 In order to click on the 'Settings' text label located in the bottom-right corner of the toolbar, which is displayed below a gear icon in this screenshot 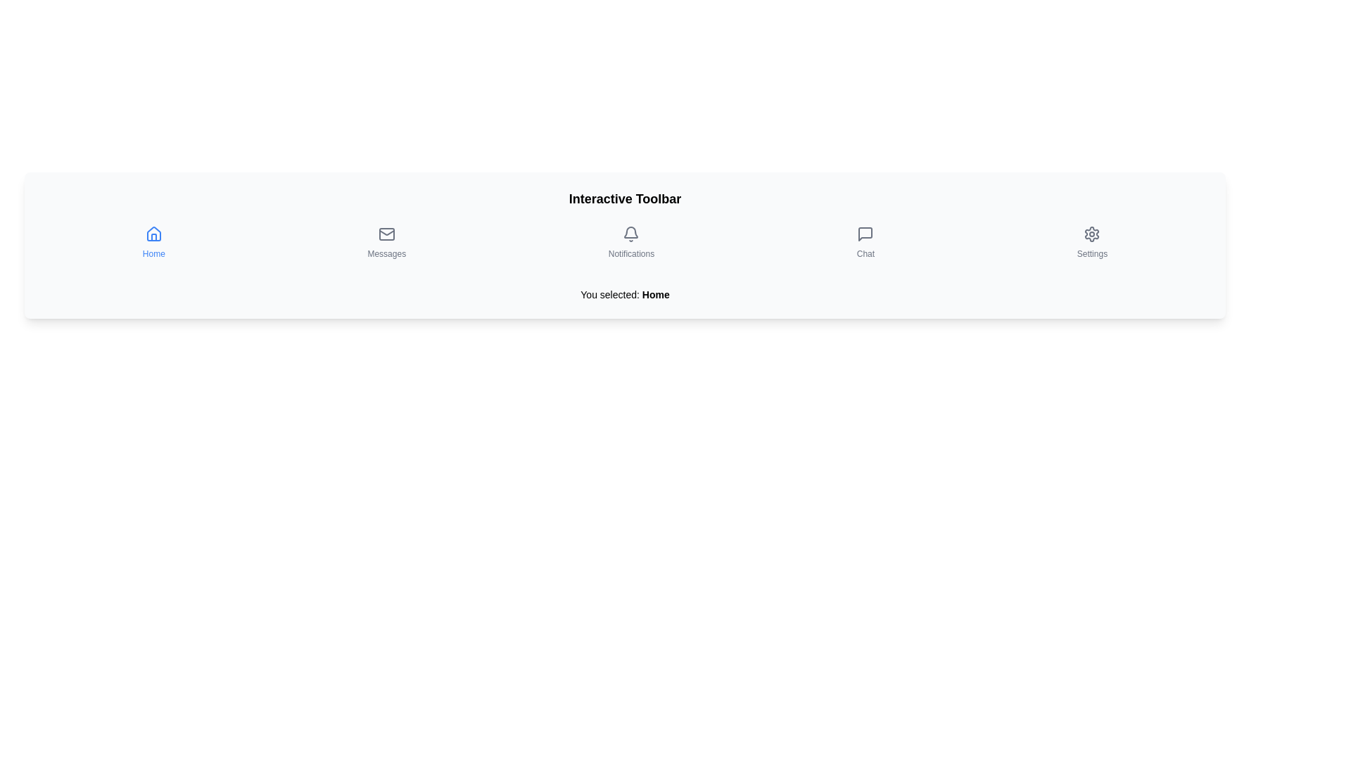, I will do `click(1091, 254)`.